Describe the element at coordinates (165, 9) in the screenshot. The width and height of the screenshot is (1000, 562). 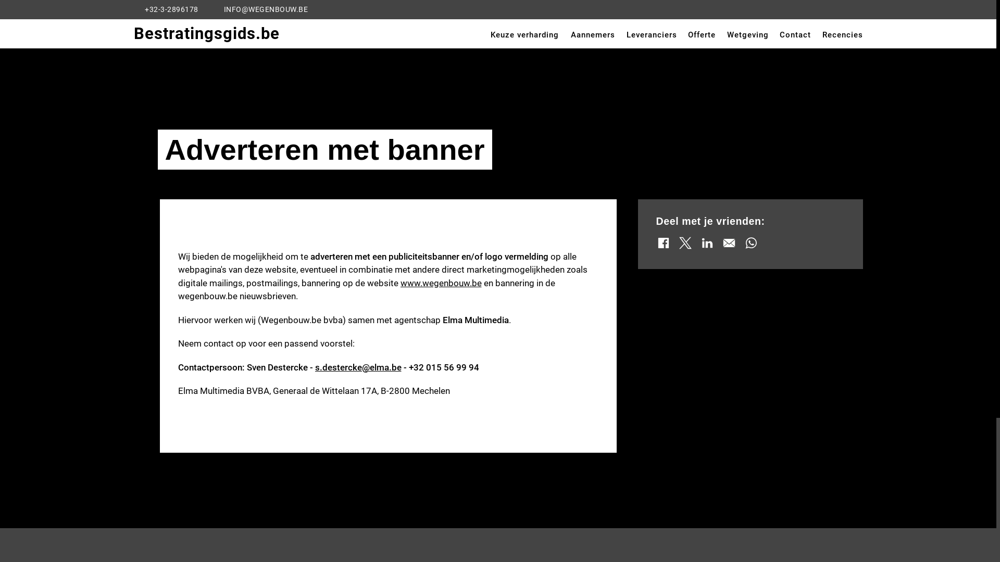
I see `'+32-3-2896178'` at that location.